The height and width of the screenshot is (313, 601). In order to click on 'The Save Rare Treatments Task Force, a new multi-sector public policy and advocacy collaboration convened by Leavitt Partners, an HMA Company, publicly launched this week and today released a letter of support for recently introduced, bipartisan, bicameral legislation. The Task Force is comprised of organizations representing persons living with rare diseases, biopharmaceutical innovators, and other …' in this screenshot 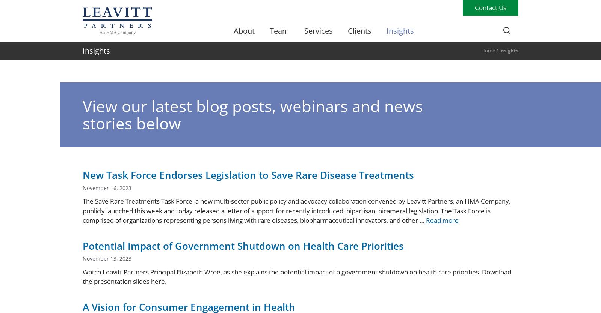, I will do `click(296, 211)`.